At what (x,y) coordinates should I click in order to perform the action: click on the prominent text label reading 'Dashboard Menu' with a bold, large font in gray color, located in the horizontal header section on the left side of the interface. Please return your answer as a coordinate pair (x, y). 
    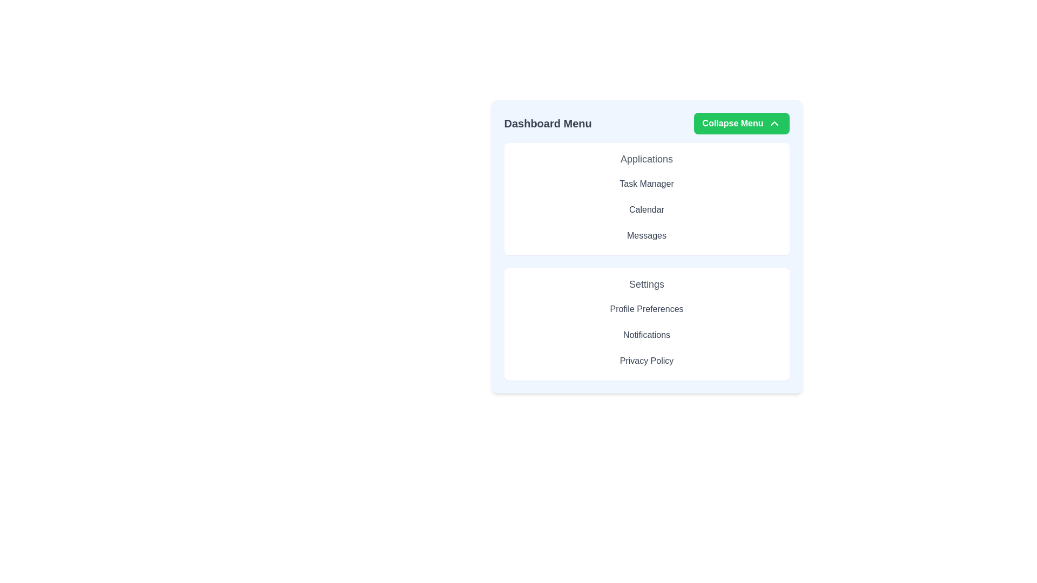
    Looking at the image, I should click on (548, 123).